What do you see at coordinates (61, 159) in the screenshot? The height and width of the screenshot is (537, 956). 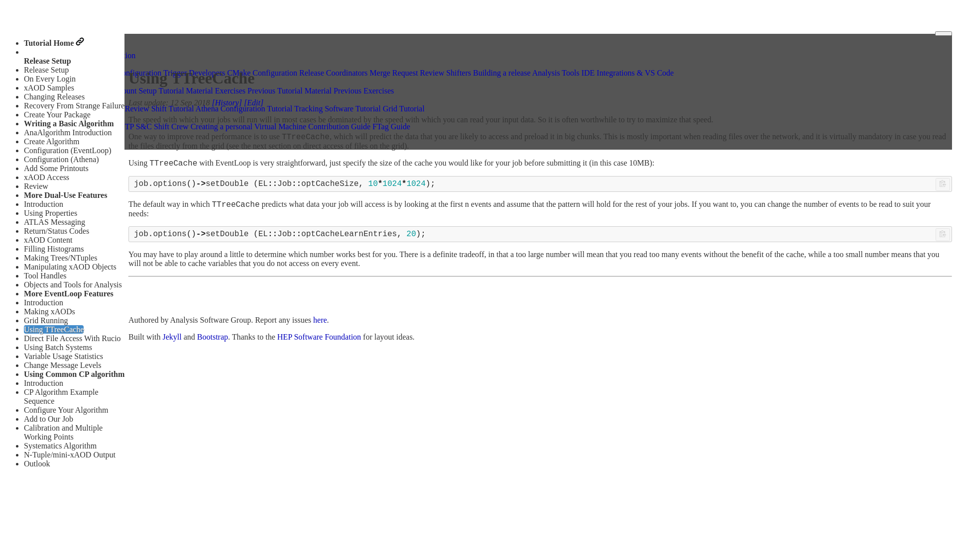 I see `'Configuration (Athena)'` at bounding box center [61, 159].